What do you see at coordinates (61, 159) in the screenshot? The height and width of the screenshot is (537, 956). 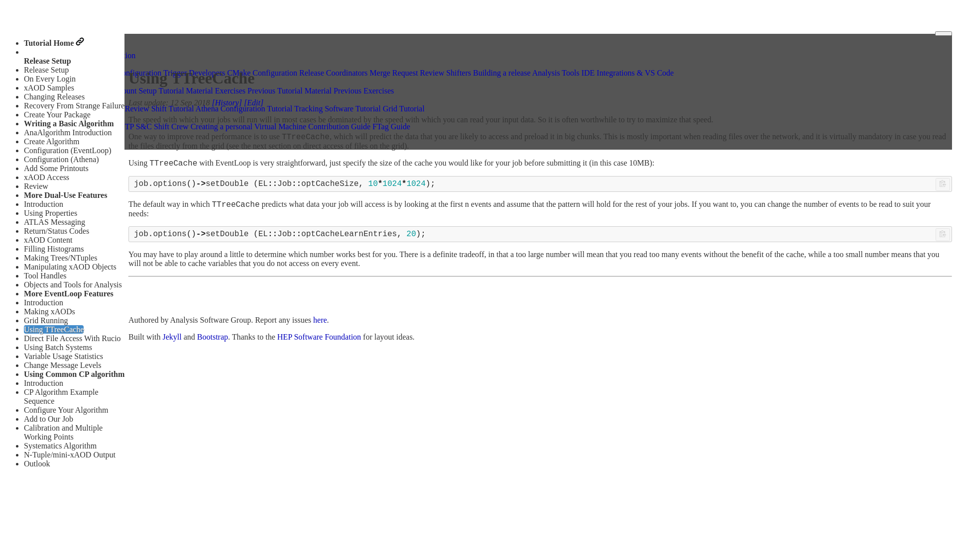 I see `'Configuration (Athena)'` at bounding box center [61, 159].